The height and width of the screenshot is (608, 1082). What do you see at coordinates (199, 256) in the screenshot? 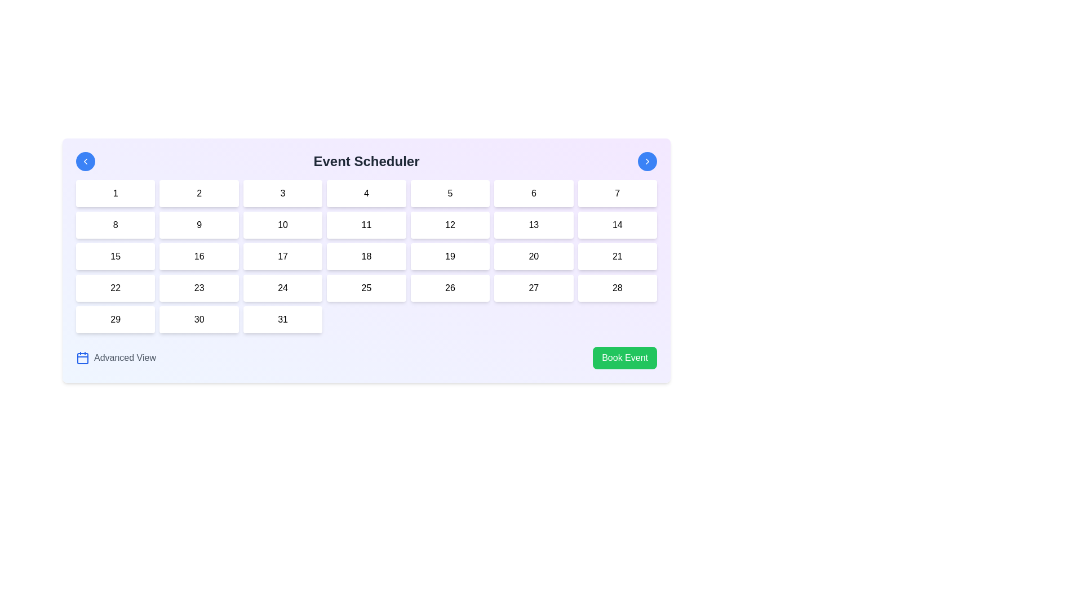
I see `the sixteenth selectable option in the calendar grid` at bounding box center [199, 256].